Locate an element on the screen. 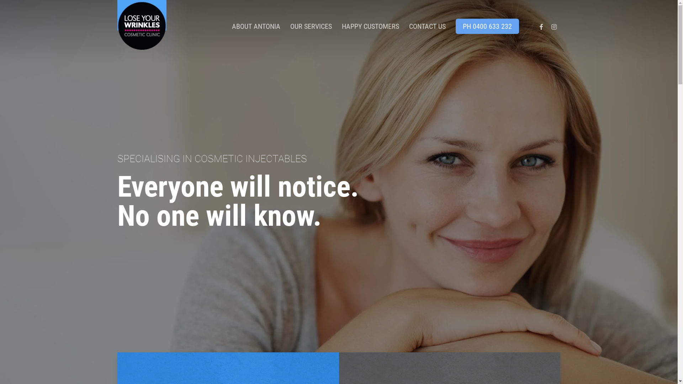  'ABOUT ANTONIA' is located at coordinates (256, 26).